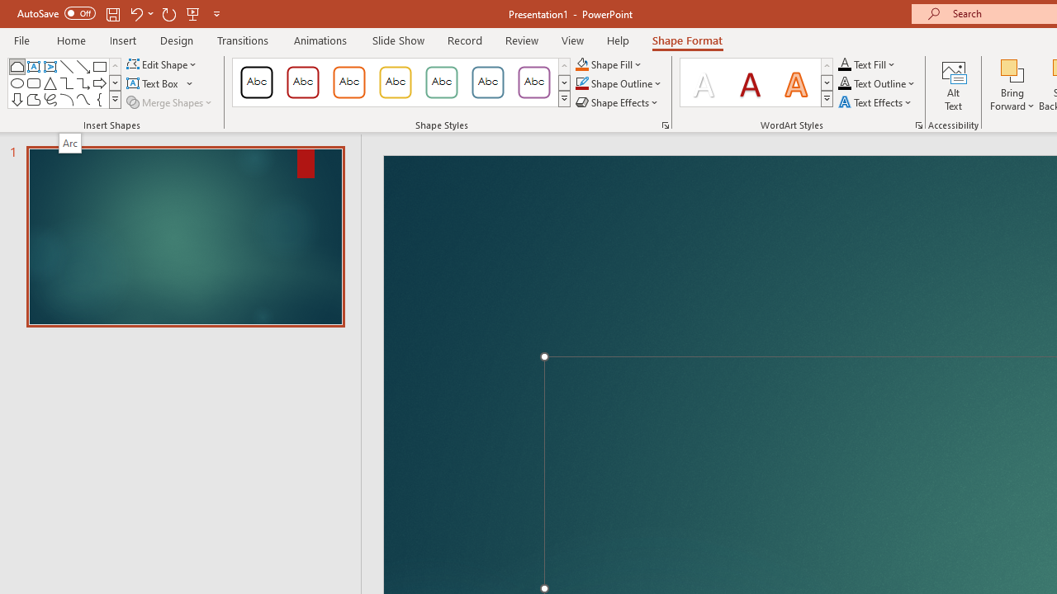 This screenshot has height=594, width=1057. What do you see at coordinates (170, 102) in the screenshot?
I see `'Merge Shapes'` at bounding box center [170, 102].